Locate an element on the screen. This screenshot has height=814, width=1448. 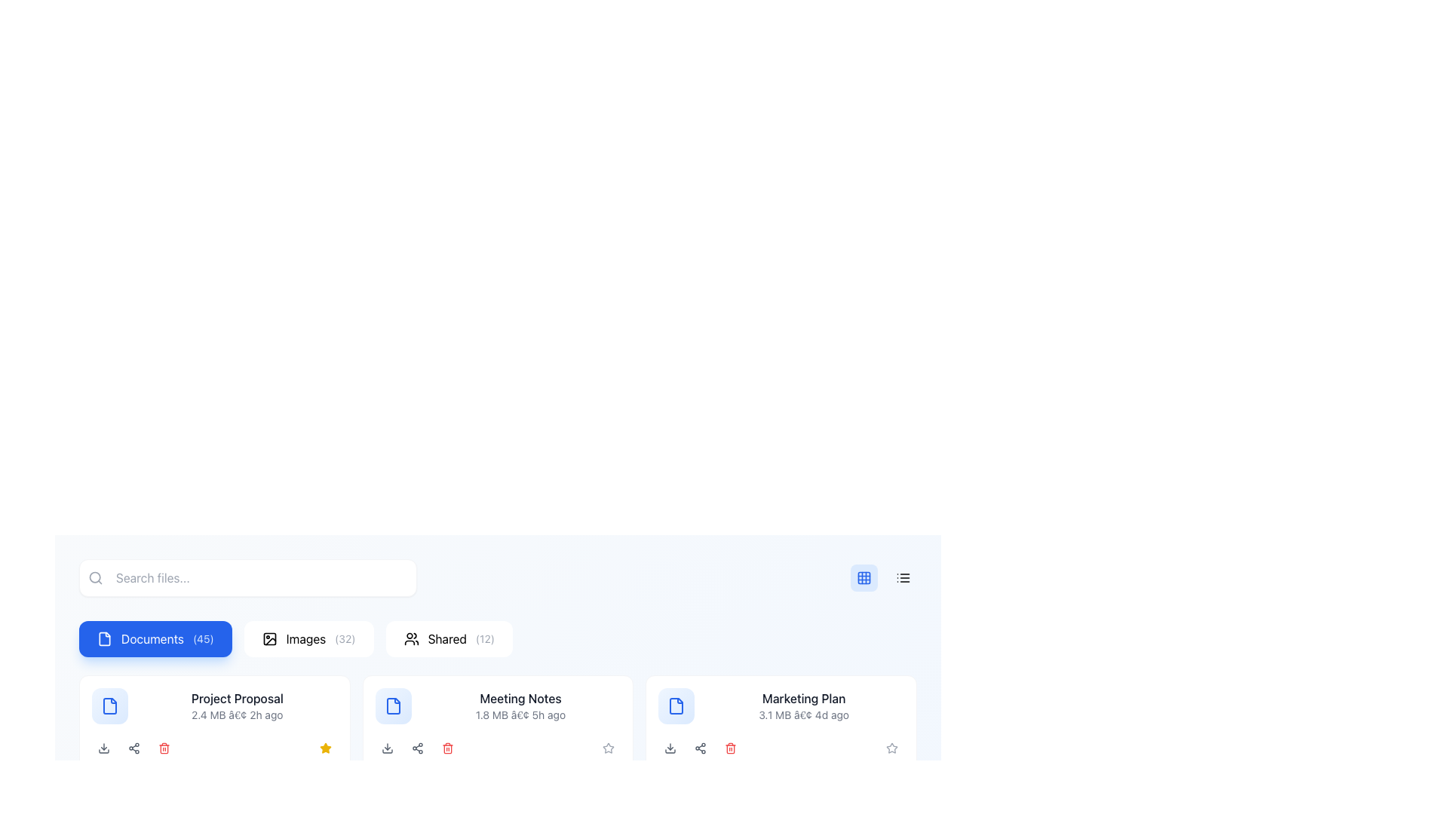
the Navigation bar to interact with tooltips or styling changes is located at coordinates (498, 639).